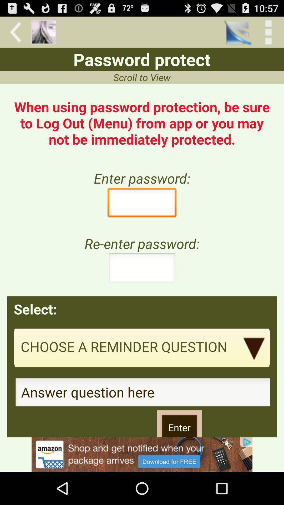 This screenshot has height=505, width=284. What do you see at coordinates (142, 204) in the screenshot?
I see `enter password text field` at bounding box center [142, 204].